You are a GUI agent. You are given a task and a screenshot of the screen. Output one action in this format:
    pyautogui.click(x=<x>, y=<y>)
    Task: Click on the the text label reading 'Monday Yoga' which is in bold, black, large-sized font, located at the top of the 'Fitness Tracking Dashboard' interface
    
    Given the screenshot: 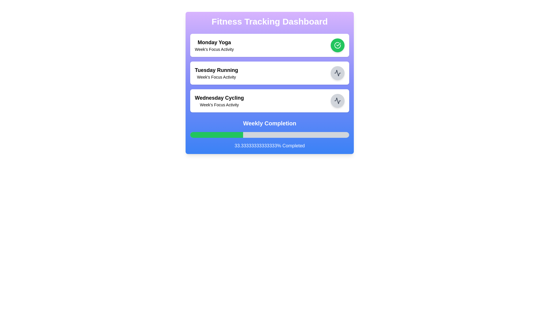 What is the action you would take?
    pyautogui.click(x=214, y=42)
    